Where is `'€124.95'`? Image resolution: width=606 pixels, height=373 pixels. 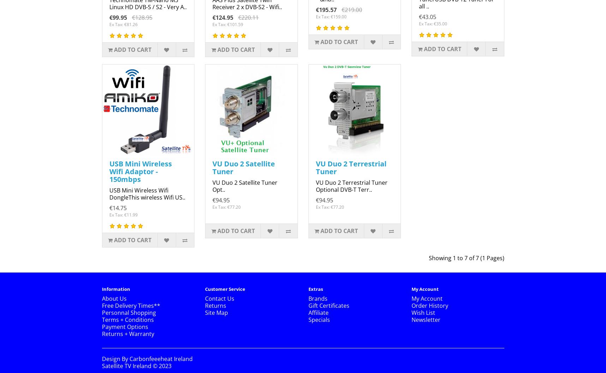
'€124.95' is located at coordinates (222, 18).